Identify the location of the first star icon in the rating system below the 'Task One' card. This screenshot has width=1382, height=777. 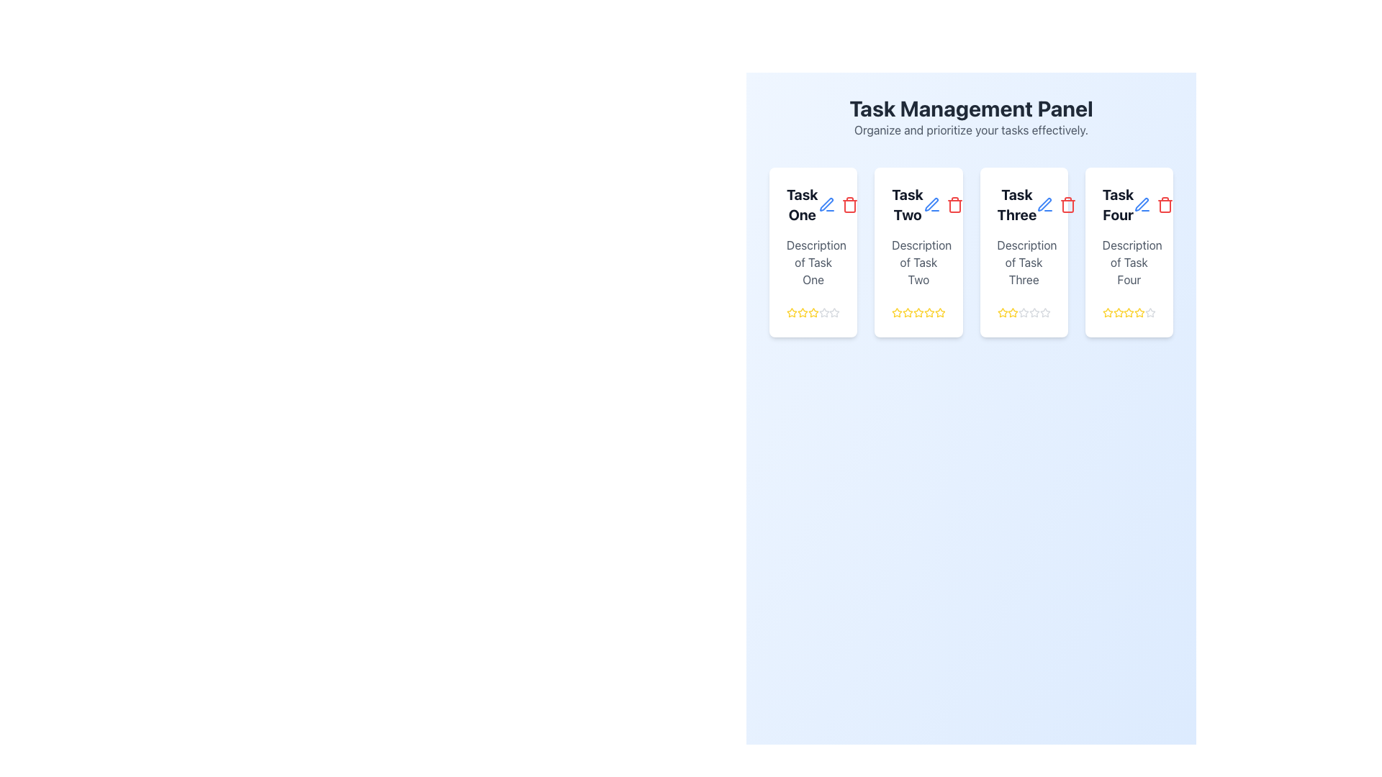
(813, 312).